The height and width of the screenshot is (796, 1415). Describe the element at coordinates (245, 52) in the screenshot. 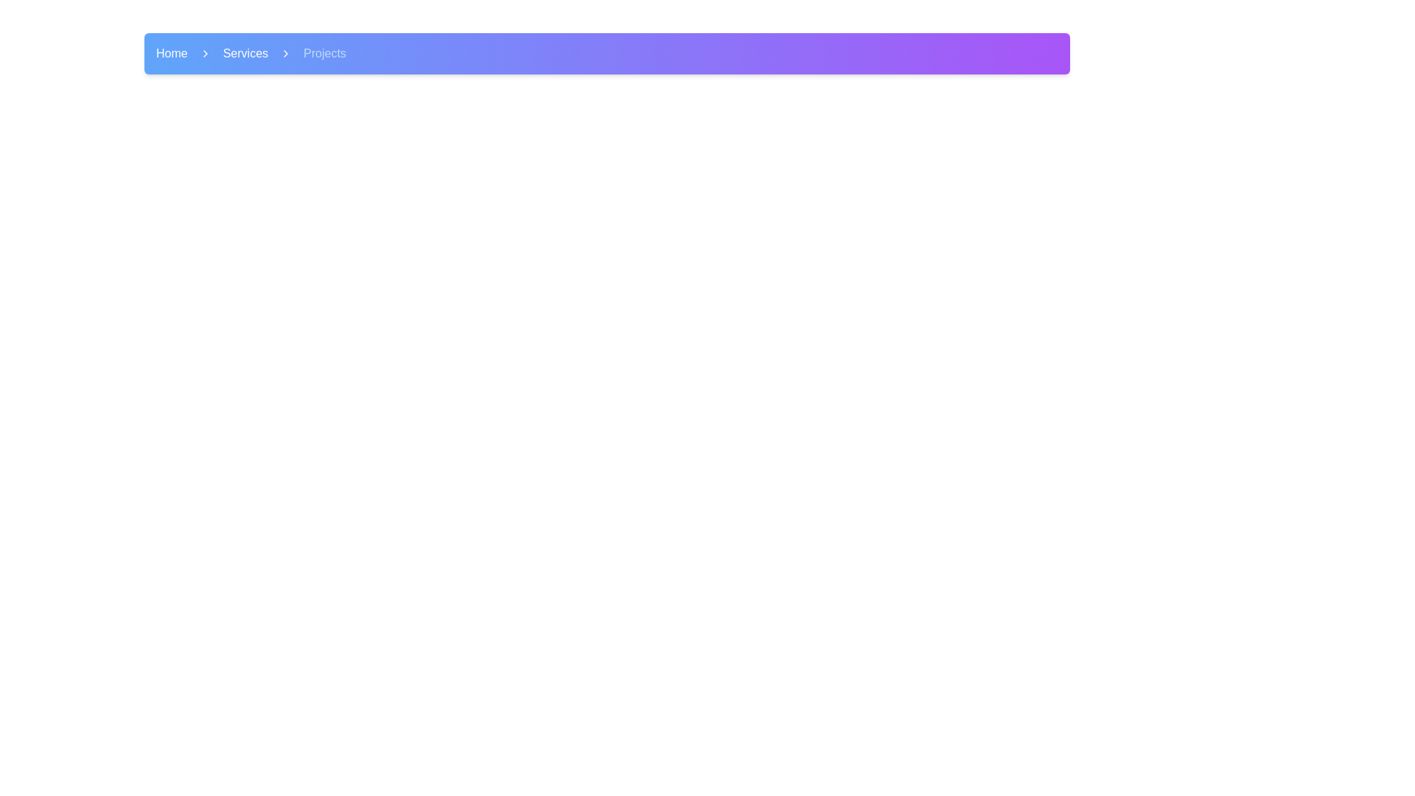

I see `the clickable text link labeled 'Services' located in the light blue navigation bar` at that location.